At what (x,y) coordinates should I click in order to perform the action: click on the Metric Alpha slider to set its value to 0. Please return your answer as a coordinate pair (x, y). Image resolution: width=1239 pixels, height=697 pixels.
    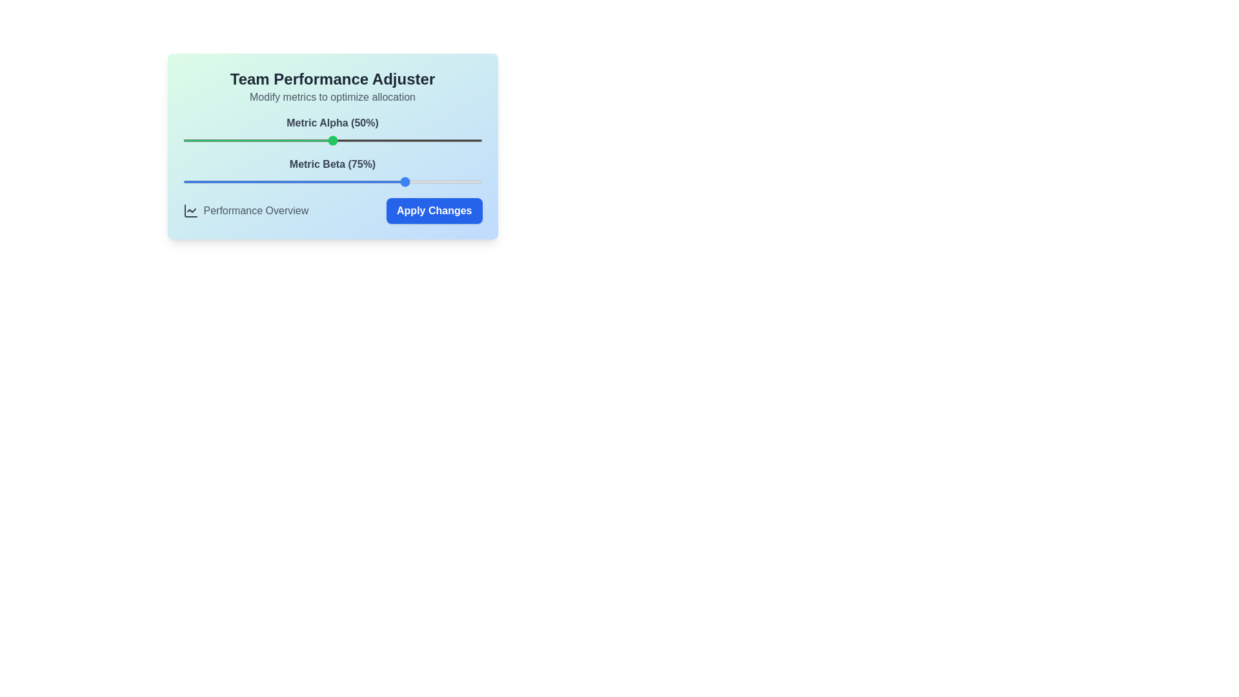
    Looking at the image, I should click on (182, 141).